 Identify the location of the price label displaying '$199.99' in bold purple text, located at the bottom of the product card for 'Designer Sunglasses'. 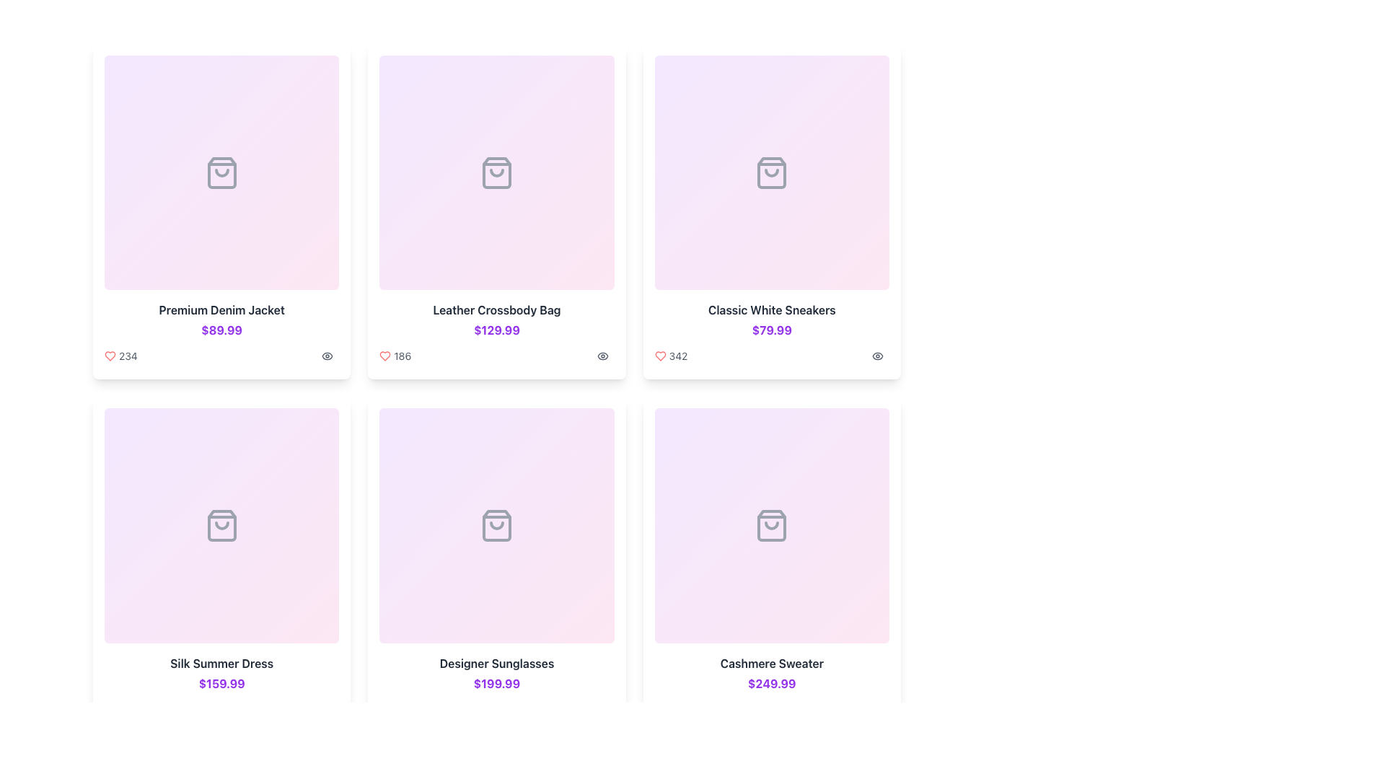
(496, 682).